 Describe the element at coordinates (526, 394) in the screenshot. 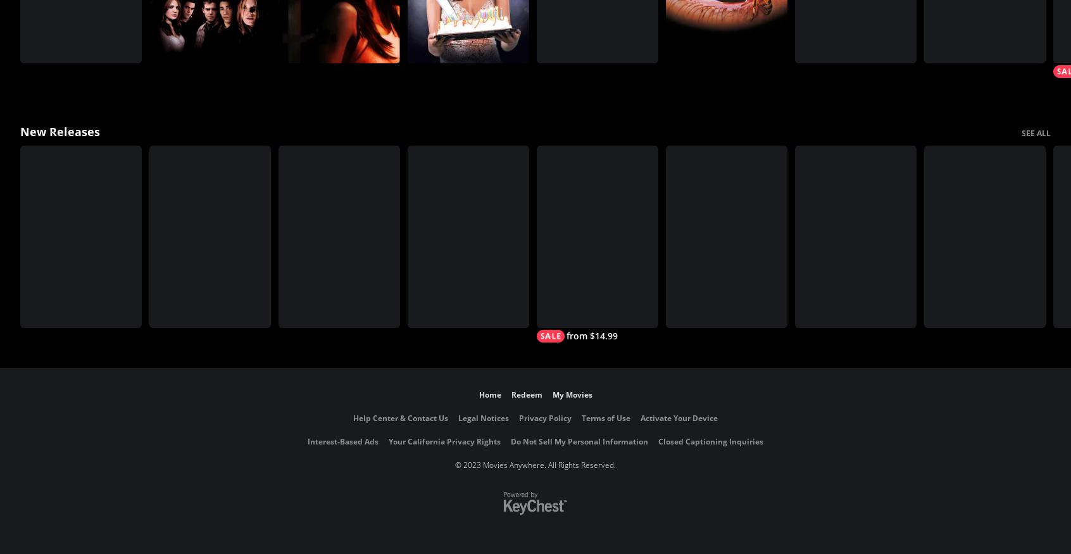

I see `'Redeem'` at that location.